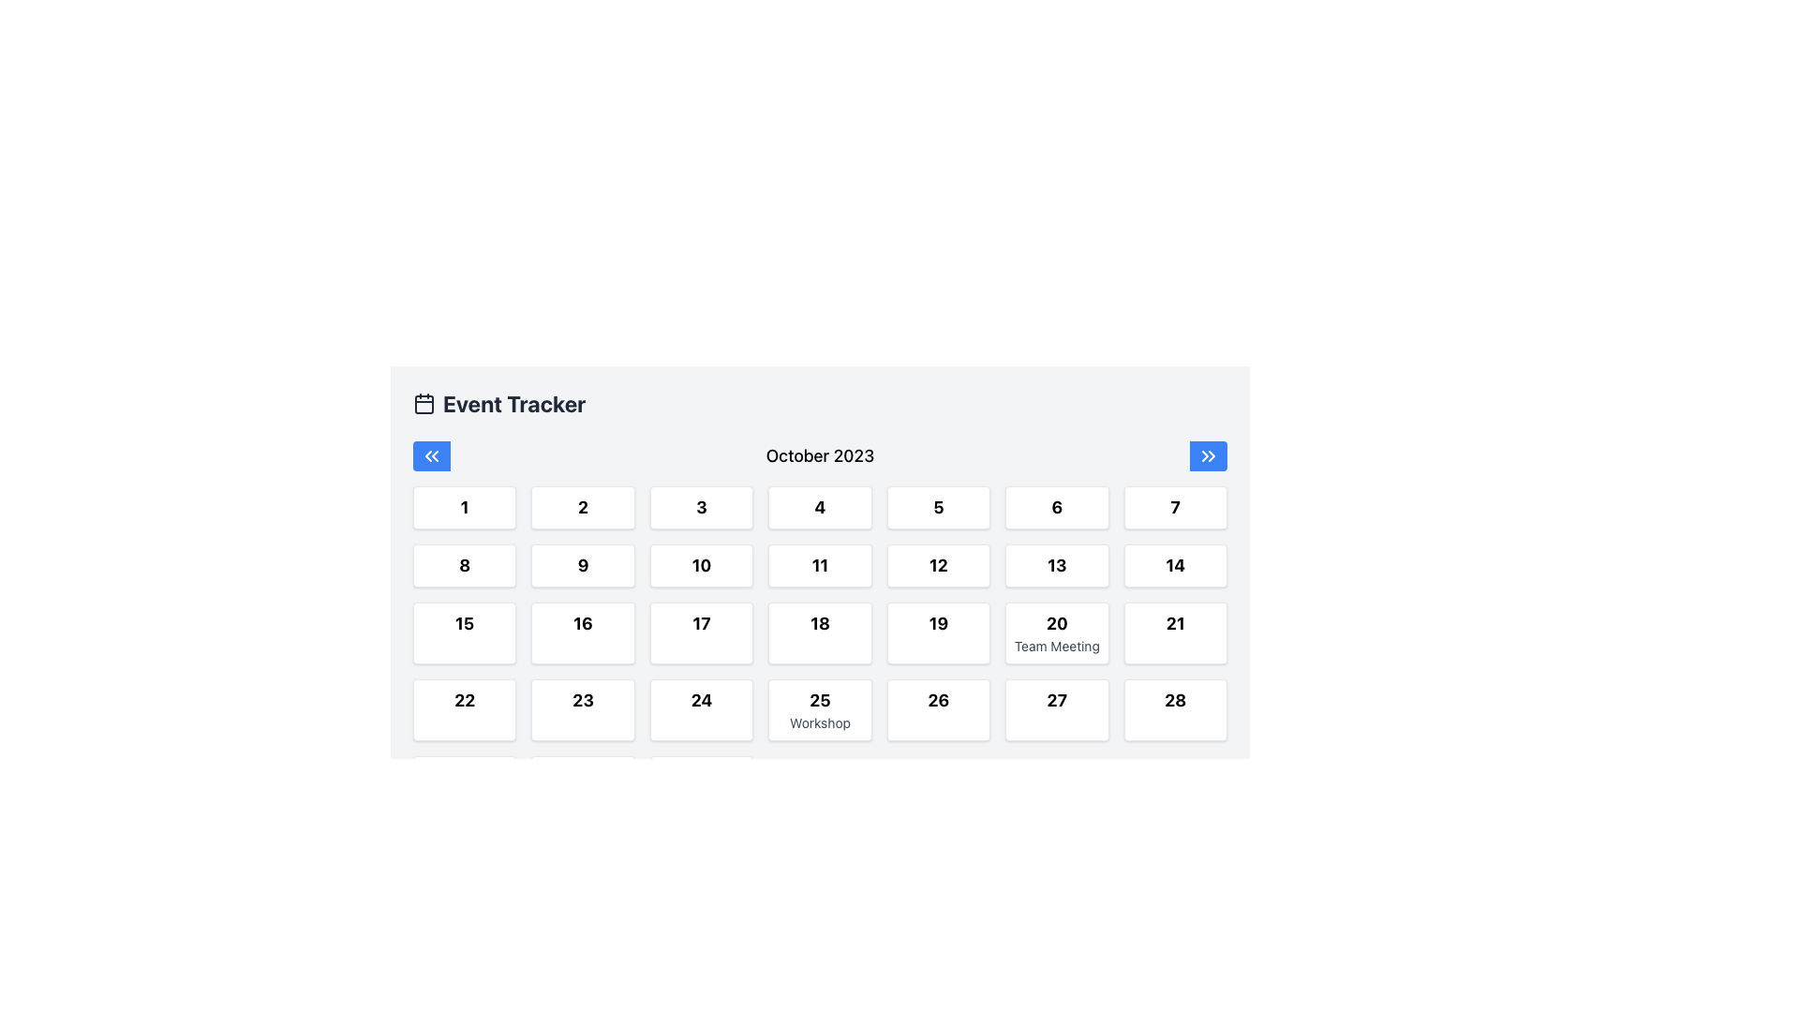  I want to click on the text displaying the number '28' in bold, located in the bottom-right corner of the calendar grid, so click(1174, 701).